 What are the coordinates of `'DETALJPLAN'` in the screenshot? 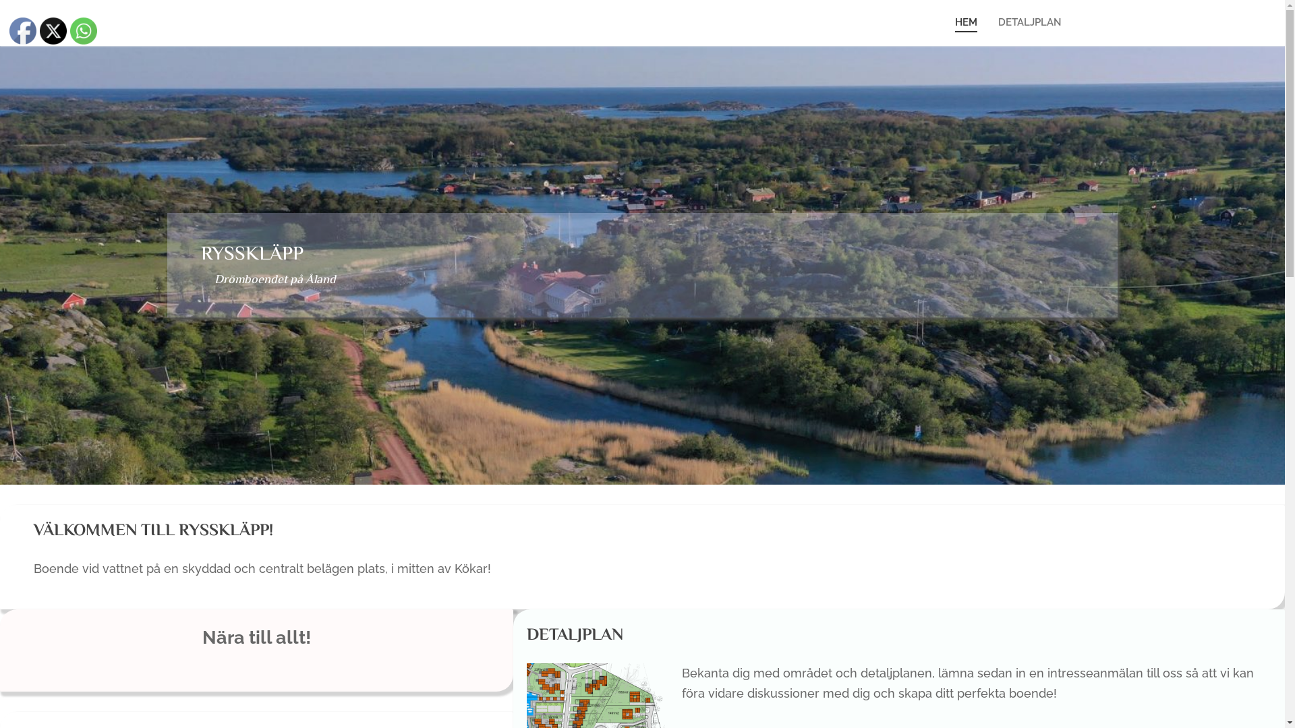 It's located at (1029, 22).